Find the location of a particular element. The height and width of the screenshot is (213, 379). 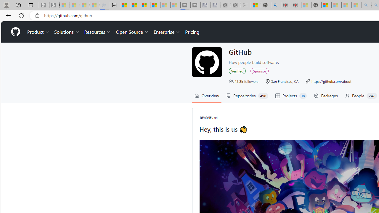

'Verified' is located at coordinates (237, 70).